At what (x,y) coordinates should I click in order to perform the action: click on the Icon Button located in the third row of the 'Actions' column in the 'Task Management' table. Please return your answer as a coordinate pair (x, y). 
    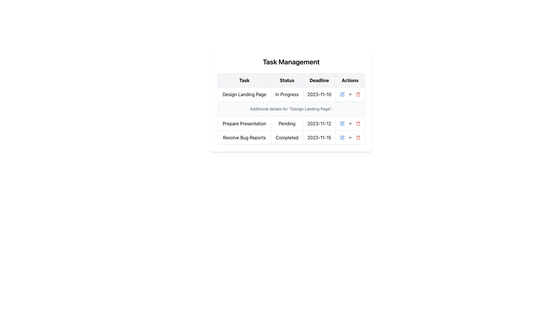
    Looking at the image, I should click on (350, 123).